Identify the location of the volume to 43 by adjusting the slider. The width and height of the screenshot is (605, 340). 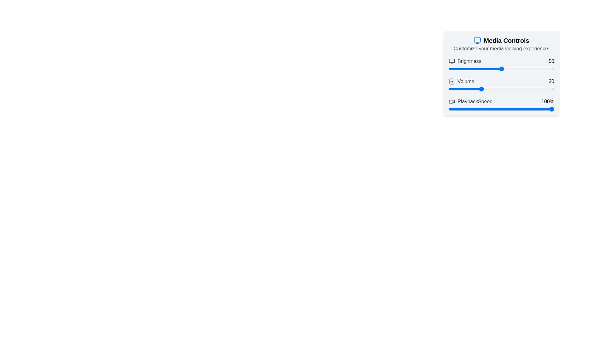
(494, 89).